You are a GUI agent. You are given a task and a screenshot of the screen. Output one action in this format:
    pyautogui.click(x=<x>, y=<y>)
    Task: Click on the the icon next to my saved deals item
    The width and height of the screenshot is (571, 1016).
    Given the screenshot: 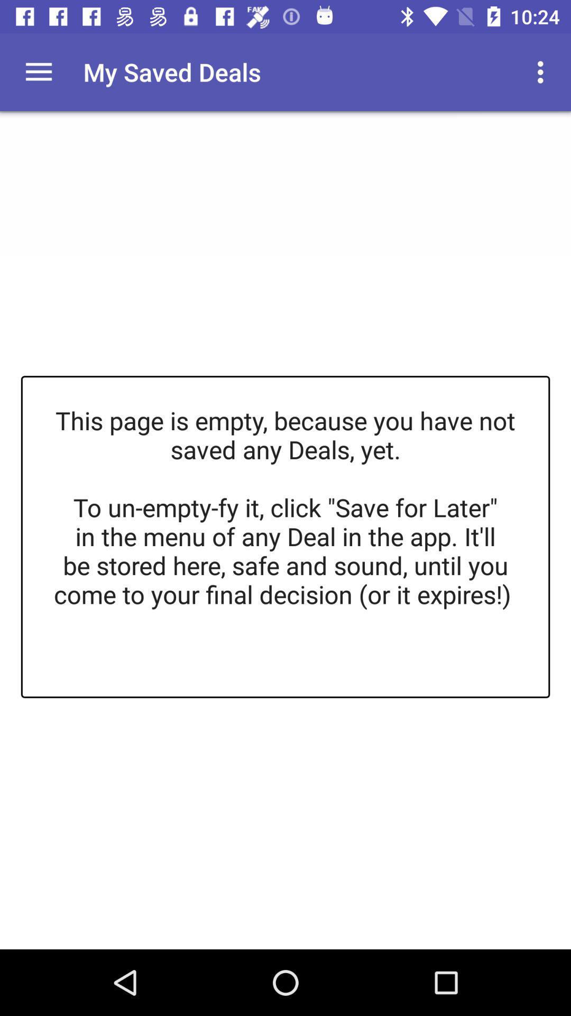 What is the action you would take?
    pyautogui.click(x=38, y=71)
    